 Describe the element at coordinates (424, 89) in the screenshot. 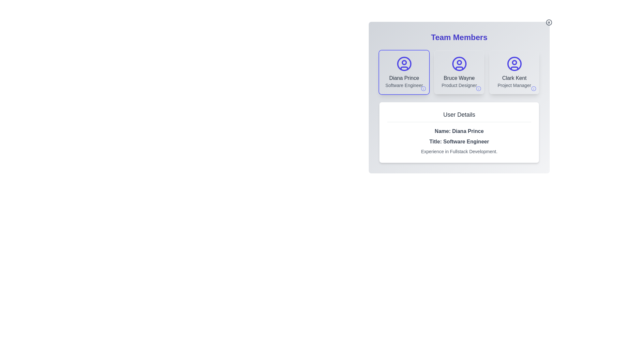

I see `the circular icon with an 'i' symbol, styled with a blue tint, located in the bottom-right corner of the card labeled 'Diana Prince Software Engineer' in the 'Team Members' section` at that location.